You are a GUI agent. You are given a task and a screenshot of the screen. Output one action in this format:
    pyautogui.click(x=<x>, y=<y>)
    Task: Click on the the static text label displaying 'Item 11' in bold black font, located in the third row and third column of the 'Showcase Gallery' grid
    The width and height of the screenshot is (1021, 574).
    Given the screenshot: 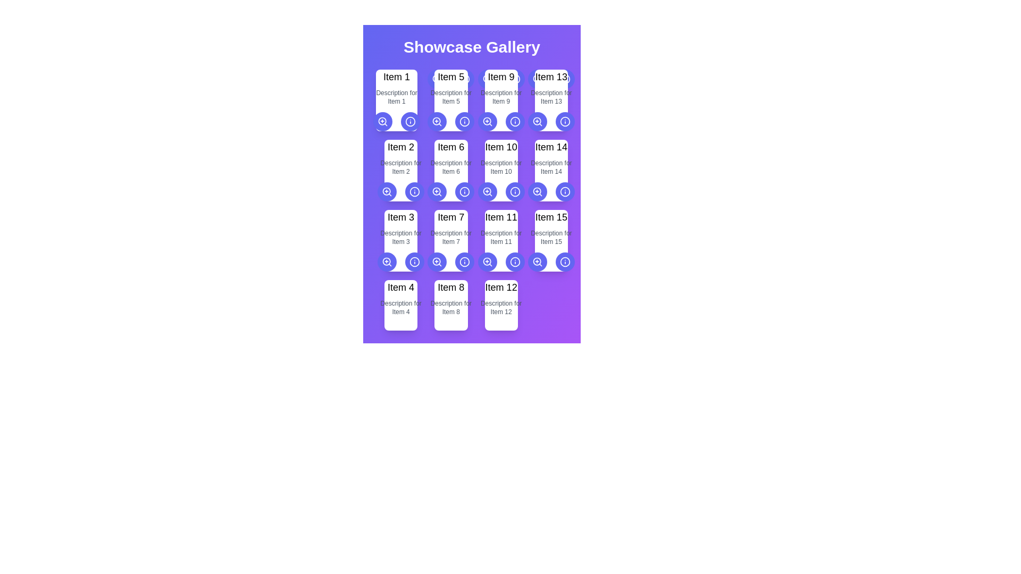 What is the action you would take?
    pyautogui.click(x=500, y=216)
    